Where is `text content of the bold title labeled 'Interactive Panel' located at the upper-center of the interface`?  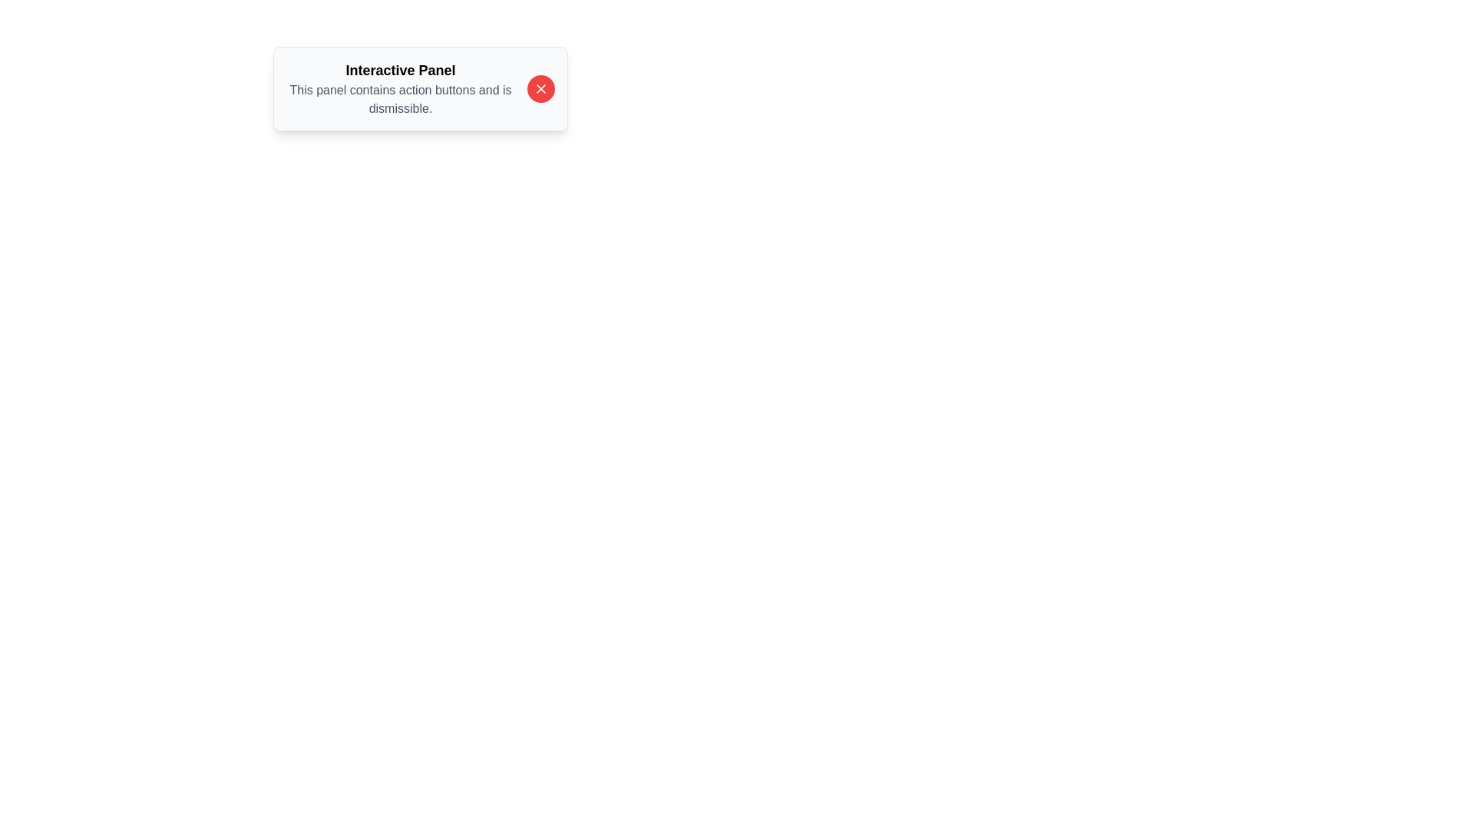
text content of the bold title labeled 'Interactive Panel' located at the upper-center of the interface is located at coordinates (401, 71).